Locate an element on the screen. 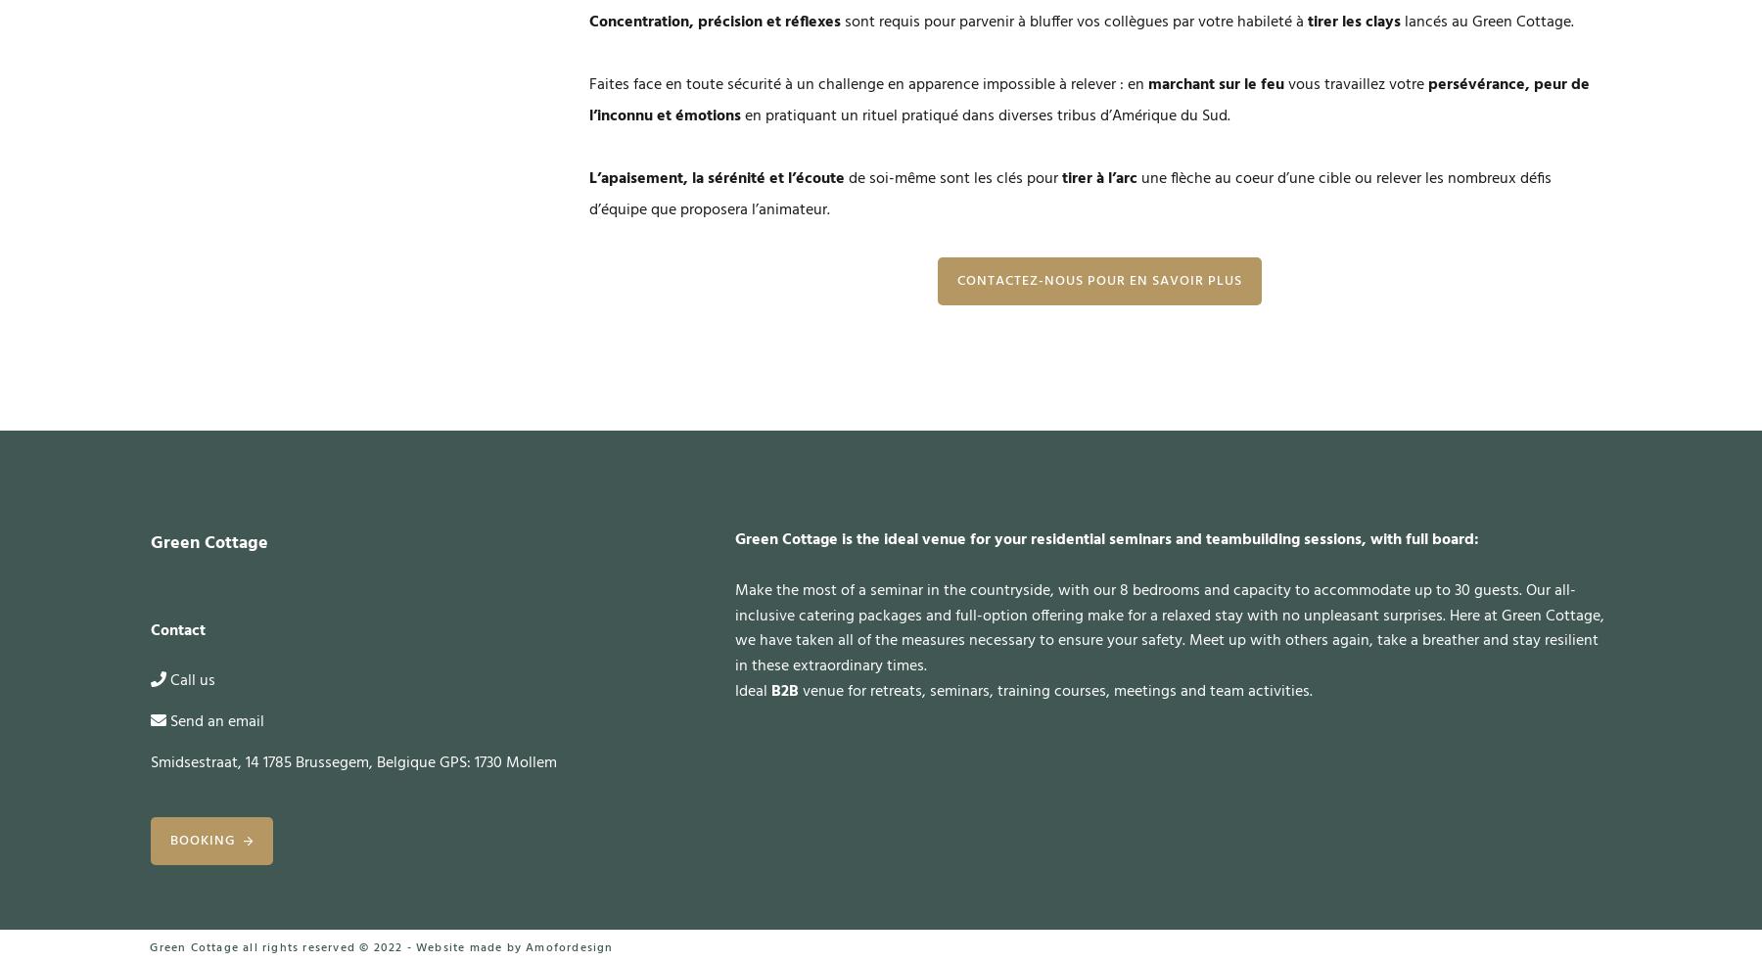 This screenshot has width=1762, height=962. 'Make the most of a seminar in the countryside, with our 8 bedrooms and capacity to accommodate up to 30 guests. Our all-inclusive catering packages and full-option offering make for a relaxed stay with no unpleasant surprises. Here at Green Cottage, we have taken all of the measures necessary to ensure your safety. Meet up with others again, take a breather and stay resilient in these extraordinary times.' is located at coordinates (1167, 627).